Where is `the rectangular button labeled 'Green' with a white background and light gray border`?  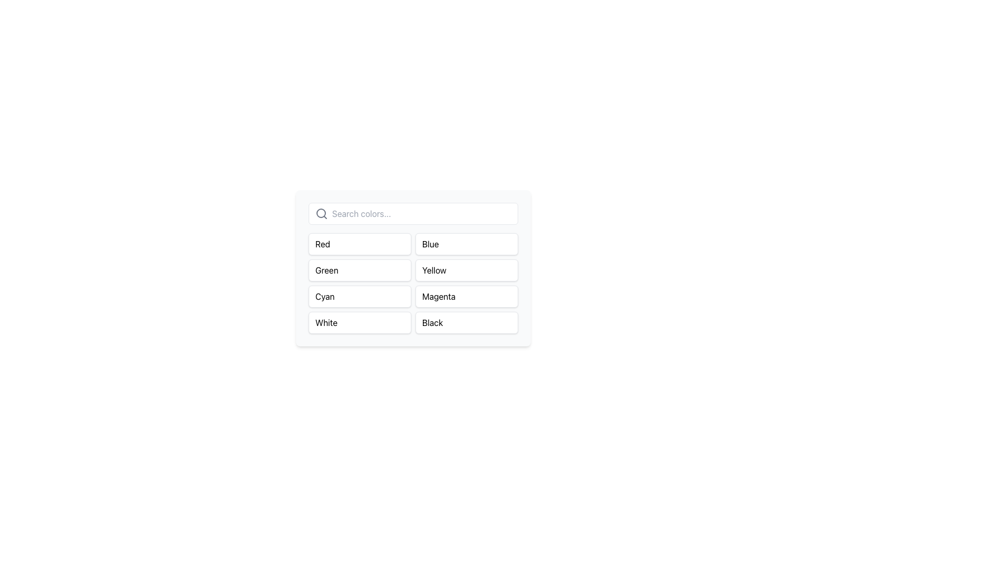
the rectangular button labeled 'Green' with a white background and light gray border is located at coordinates (359, 270).